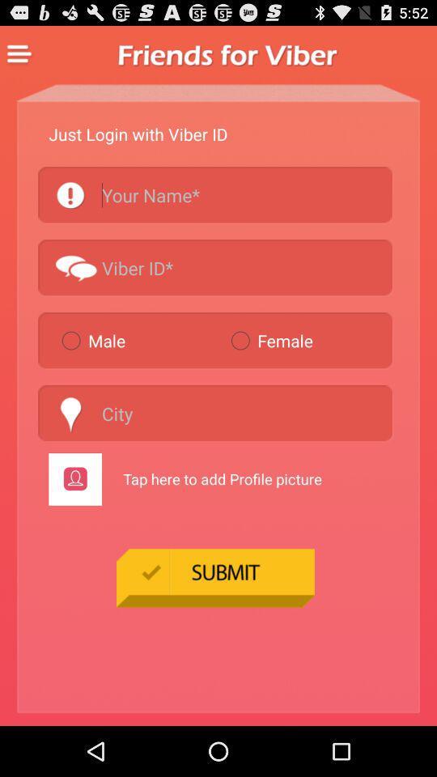 The image size is (437, 777). Describe the element at coordinates (215, 412) in the screenshot. I see `city` at that location.